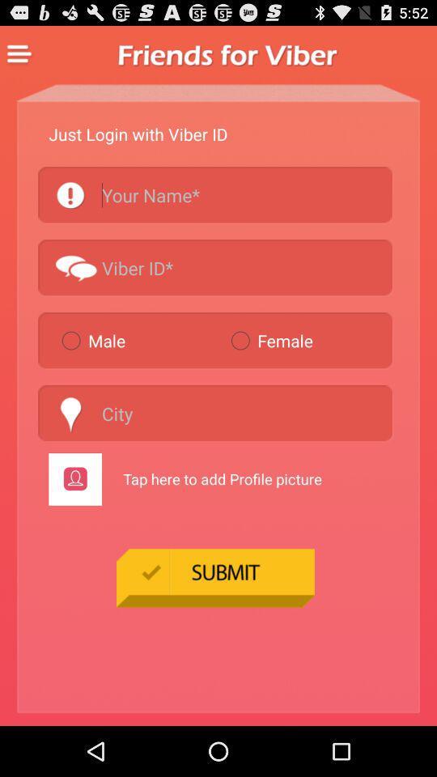 The image size is (437, 777). Describe the element at coordinates (215, 412) in the screenshot. I see `city` at that location.